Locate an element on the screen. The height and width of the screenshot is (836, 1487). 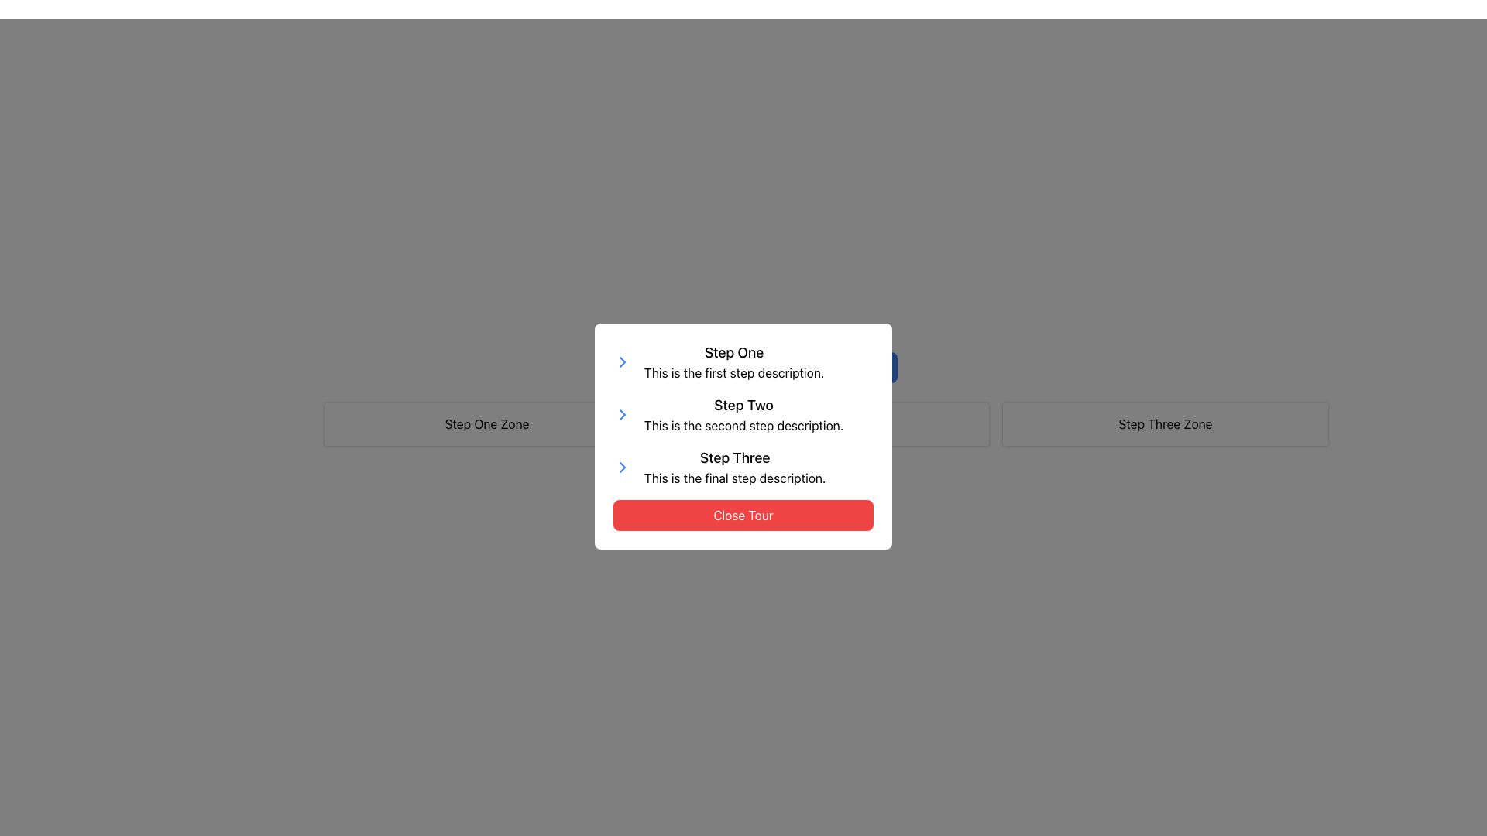
the second chevron icon positioned to the left of the 'Step Two' text in the modal dialog is located at coordinates (623, 414).